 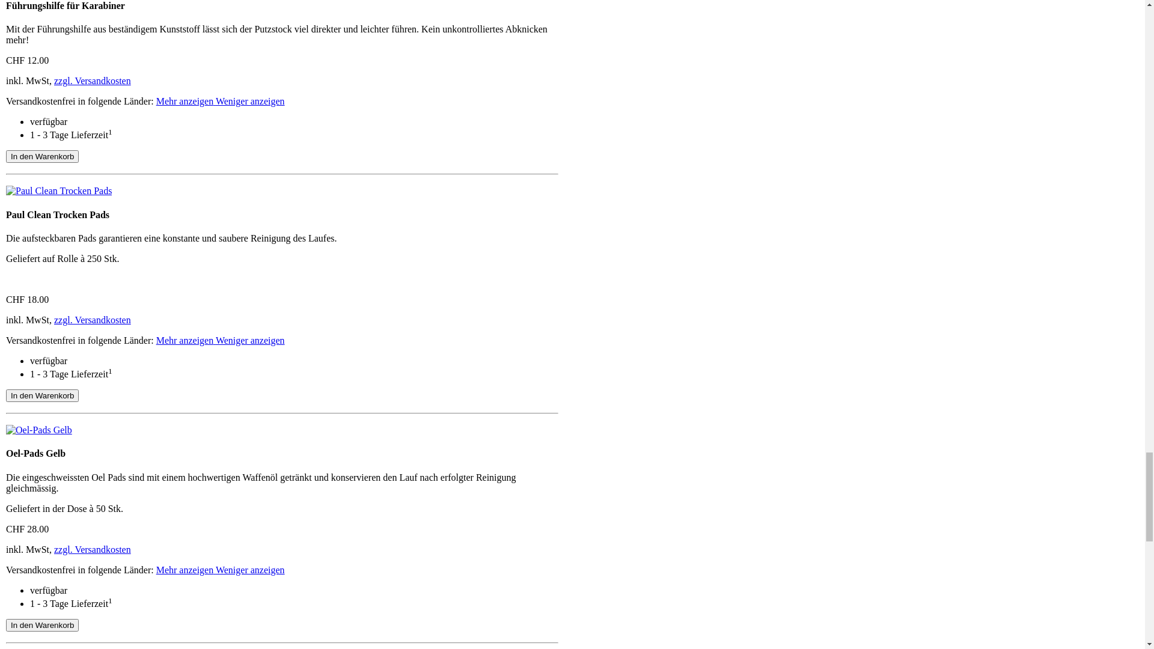 What do you see at coordinates (23, 37) in the screenshot?
I see `'Shop'` at bounding box center [23, 37].